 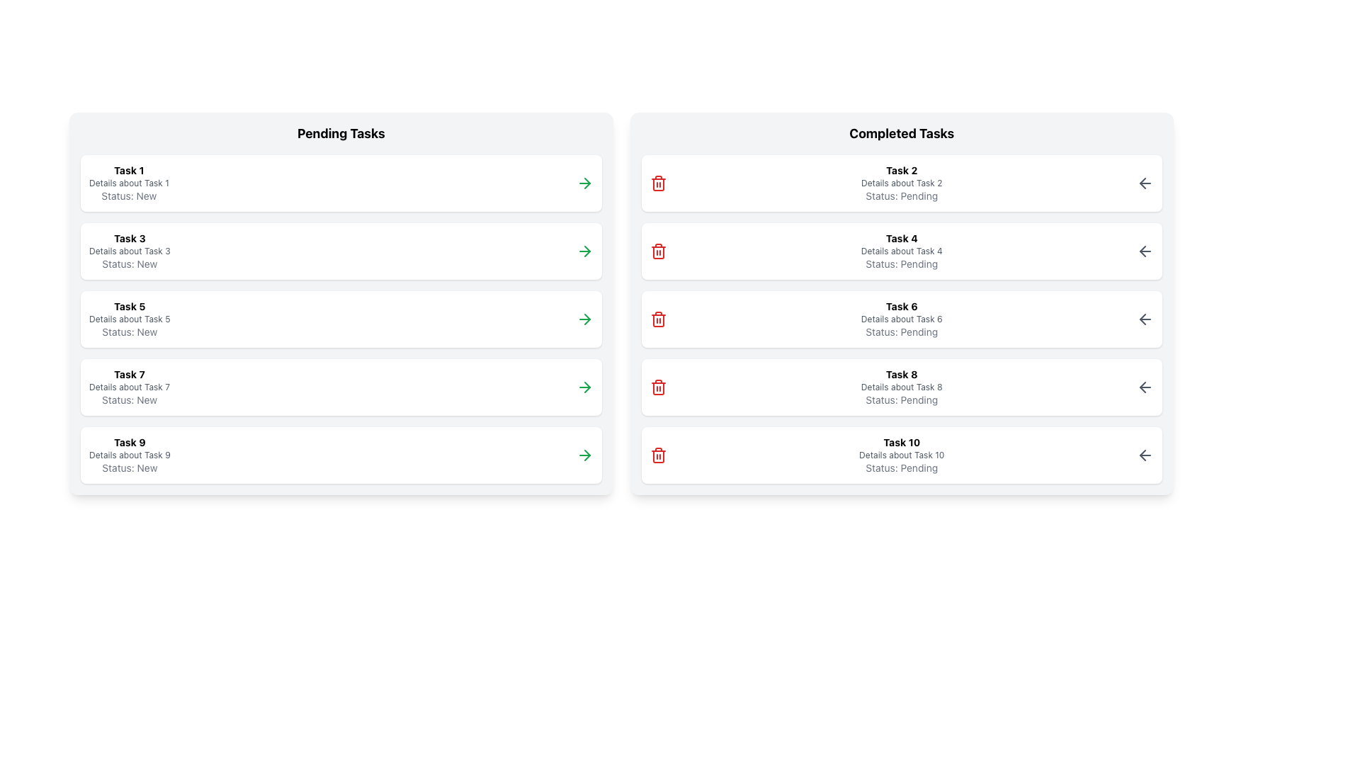 I want to click on the right-pointing triangular arrow icon located in the fifth task card from the top in the 'Pending Tasks' column, so click(x=587, y=319).